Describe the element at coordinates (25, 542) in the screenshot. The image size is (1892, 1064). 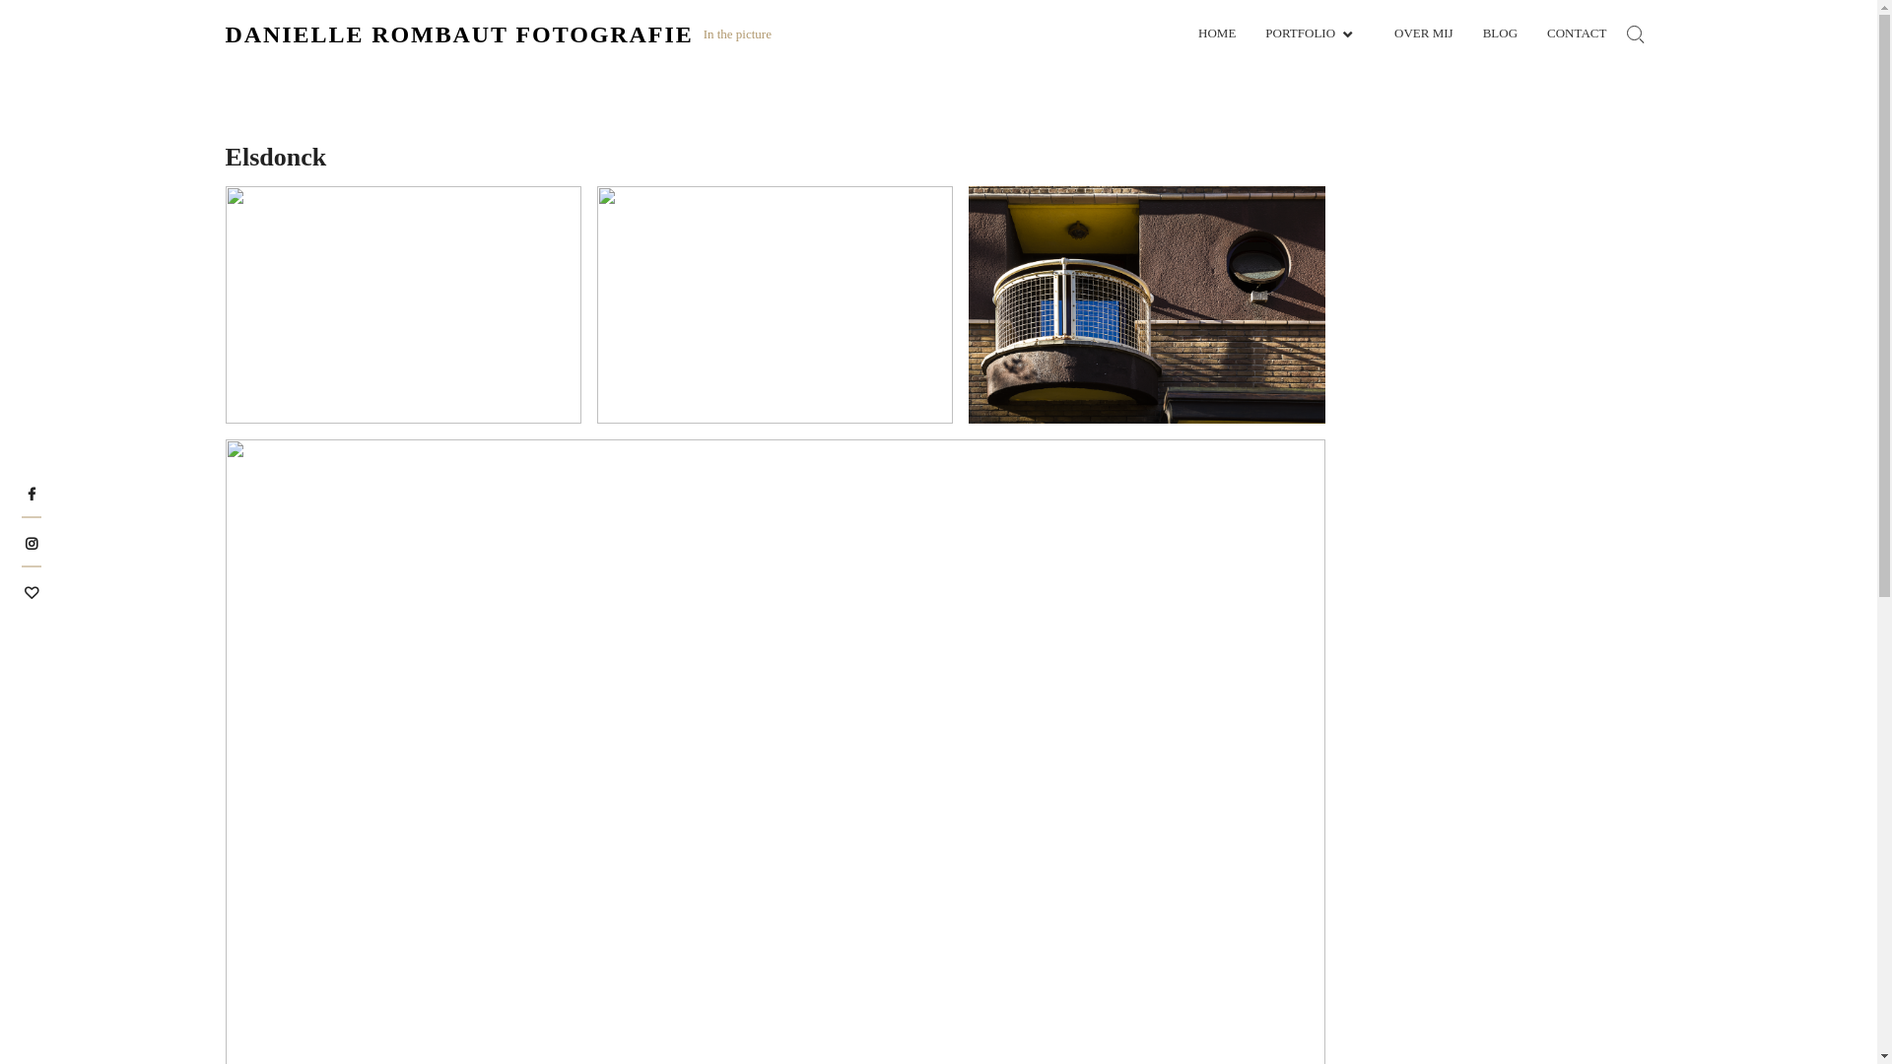
I see `'Instagram'` at that location.